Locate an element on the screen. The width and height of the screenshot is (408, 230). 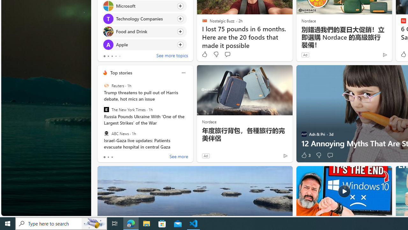
'tab-2' is located at coordinates (112, 157).